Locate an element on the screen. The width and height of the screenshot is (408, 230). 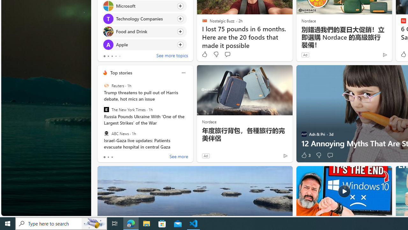
'tab-2' is located at coordinates (112, 157).